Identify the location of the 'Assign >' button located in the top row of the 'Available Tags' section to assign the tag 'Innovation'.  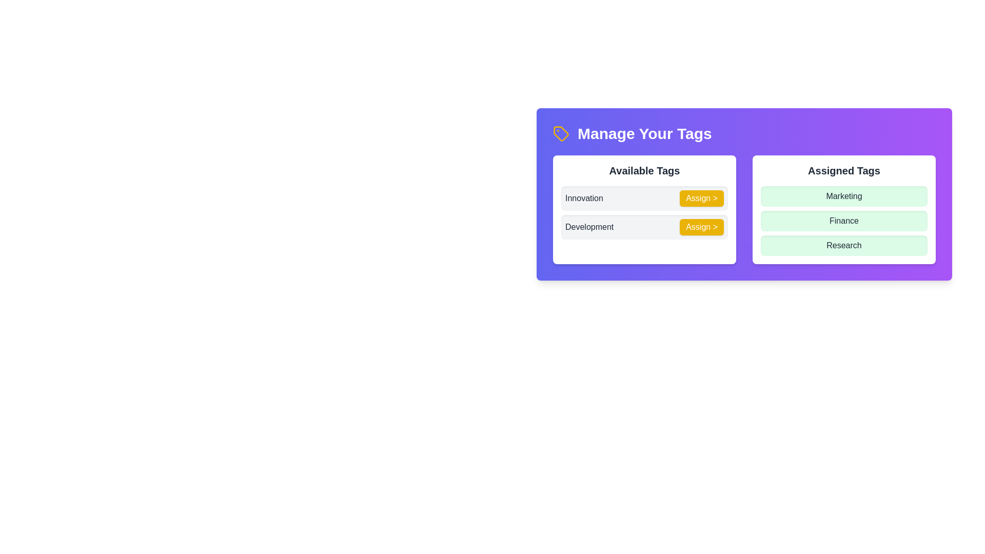
(701, 198).